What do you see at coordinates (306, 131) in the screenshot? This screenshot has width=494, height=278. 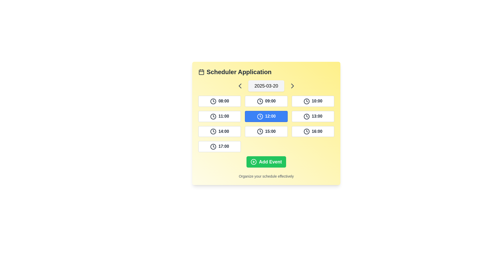 I see `the clock icon located in the bottom-right corner of the scheduling grid, adjacent to the text '16:00', to interact with the time-related function` at bounding box center [306, 131].